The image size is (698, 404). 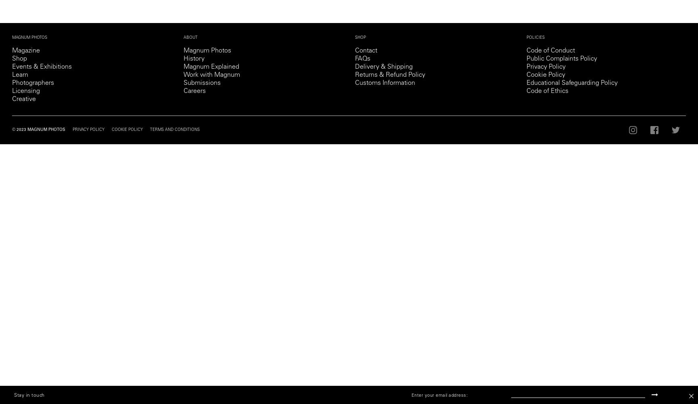 I want to click on 'SHOP', so click(x=355, y=38).